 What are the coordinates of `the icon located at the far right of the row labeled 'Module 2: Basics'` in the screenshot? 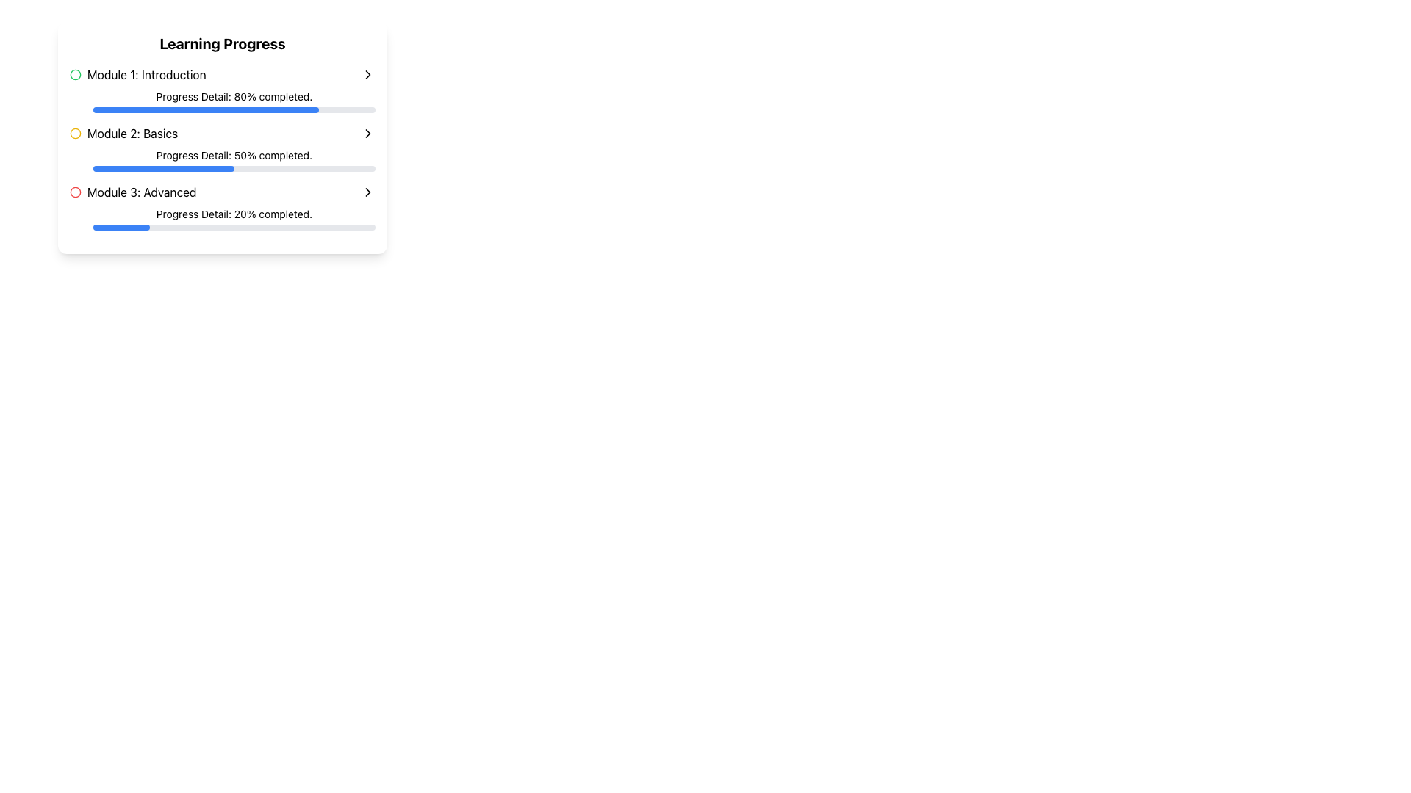 It's located at (367, 133).